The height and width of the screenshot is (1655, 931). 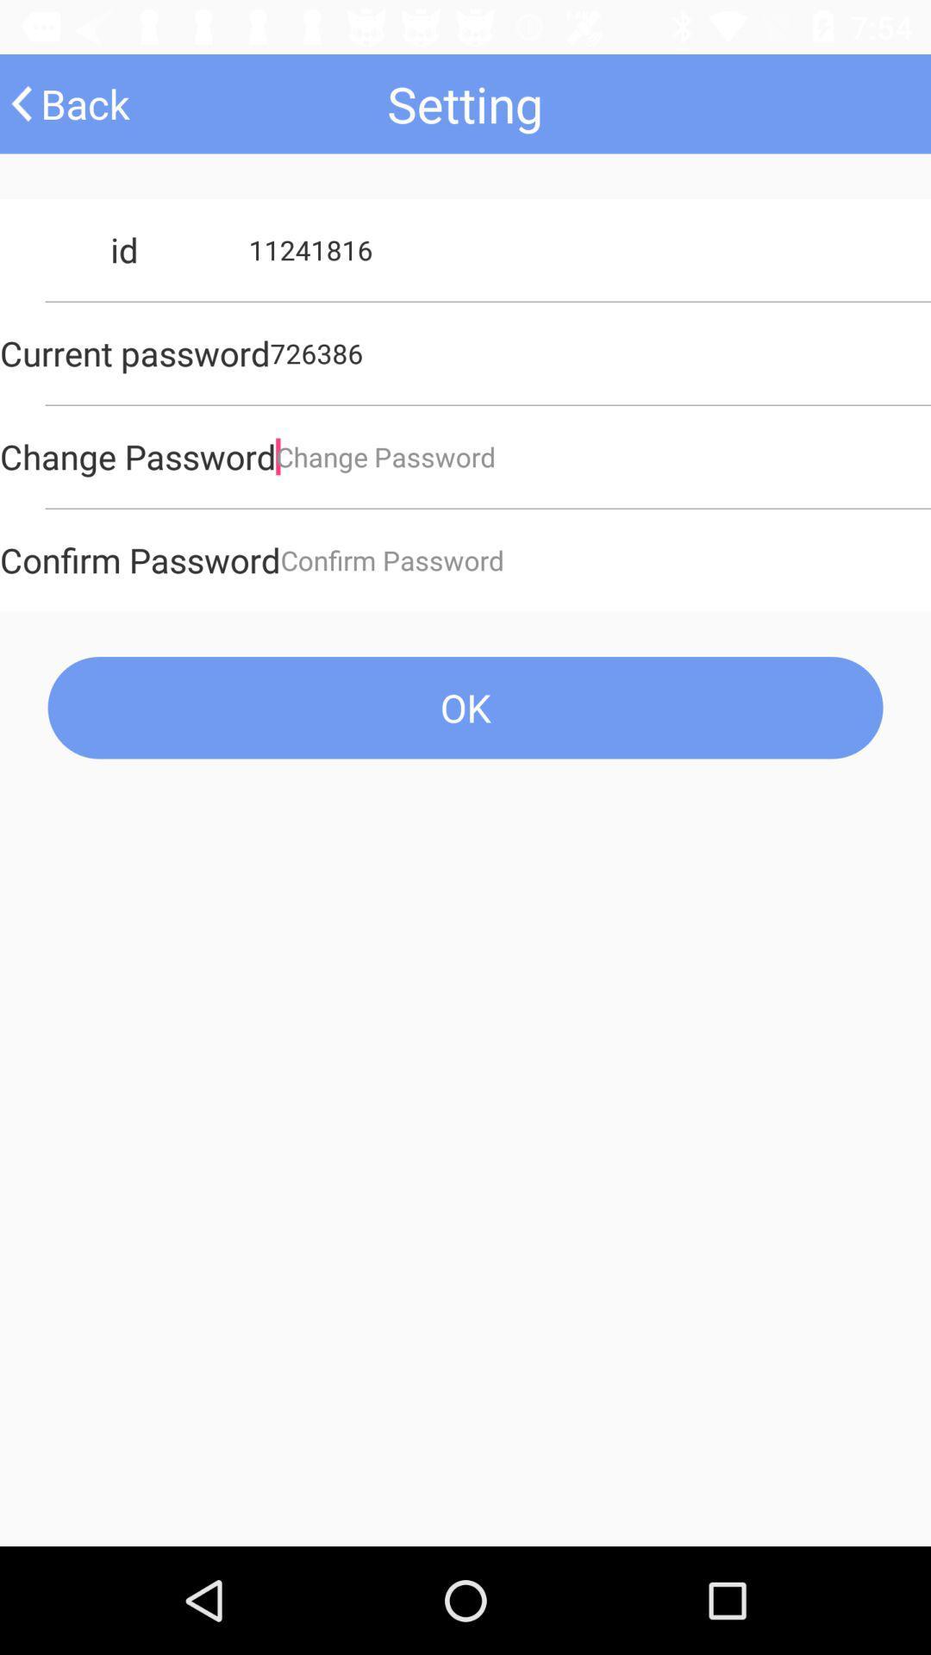 What do you see at coordinates (465, 708) in the screenshot?
I see `the item below the confirm password icon` at bounding box center [465, 708].